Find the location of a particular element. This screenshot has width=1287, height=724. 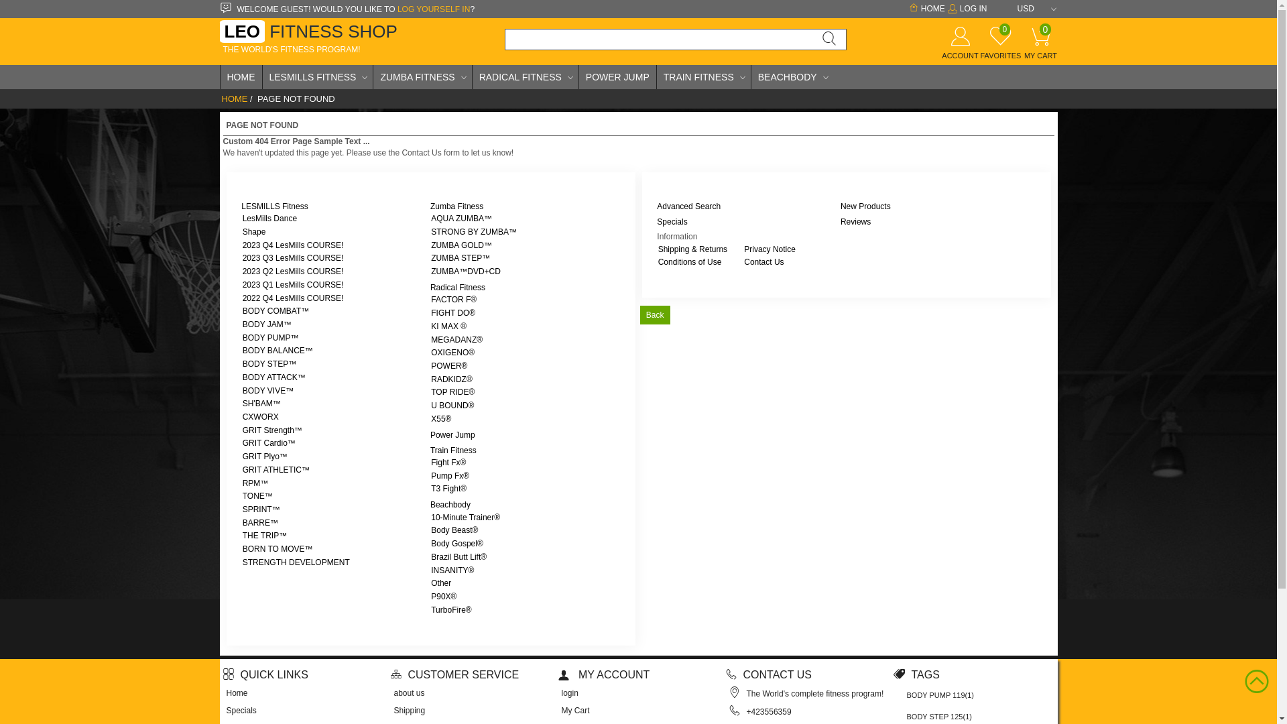

'LOG YOURSELF IN' is located at coordinates (434, 9).